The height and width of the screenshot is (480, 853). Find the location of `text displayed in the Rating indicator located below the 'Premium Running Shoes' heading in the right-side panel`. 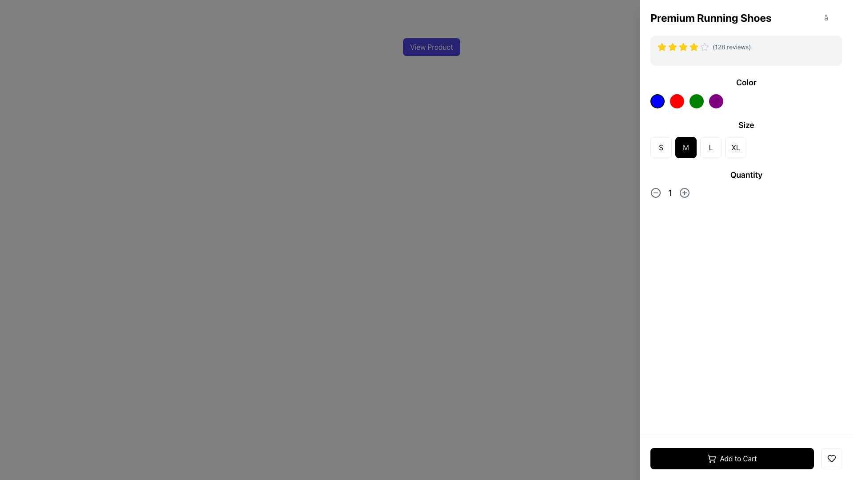

text displayed in the Rating indicator located below the 'Premium Running Shoes' heading in the right-side panel is located at coordinates (746, 51).